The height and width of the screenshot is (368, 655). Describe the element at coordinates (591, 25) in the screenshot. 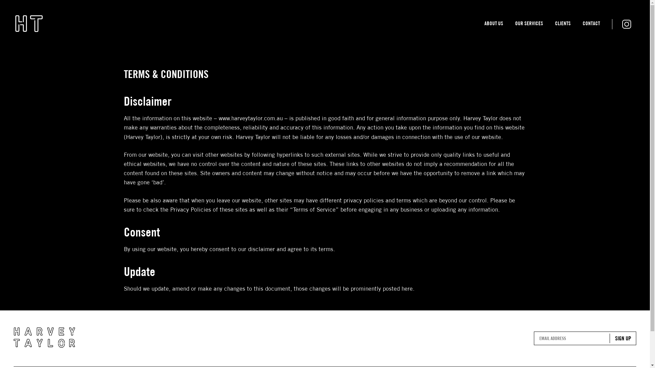

I see `'CONTACT'` at that location.